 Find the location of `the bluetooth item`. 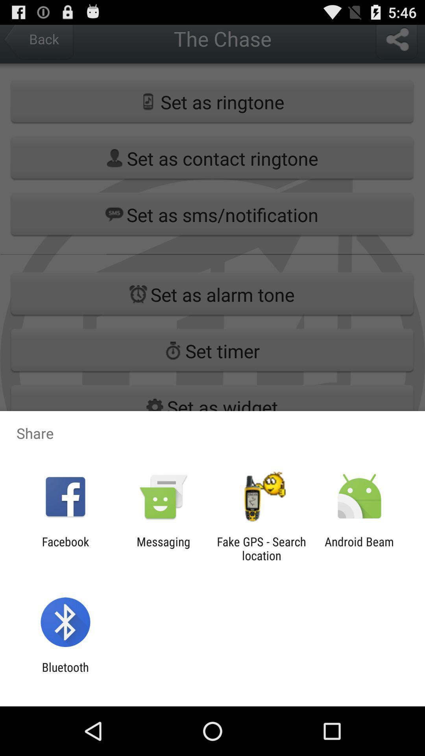

the bluetooth item is located at coordinates (65, 674).